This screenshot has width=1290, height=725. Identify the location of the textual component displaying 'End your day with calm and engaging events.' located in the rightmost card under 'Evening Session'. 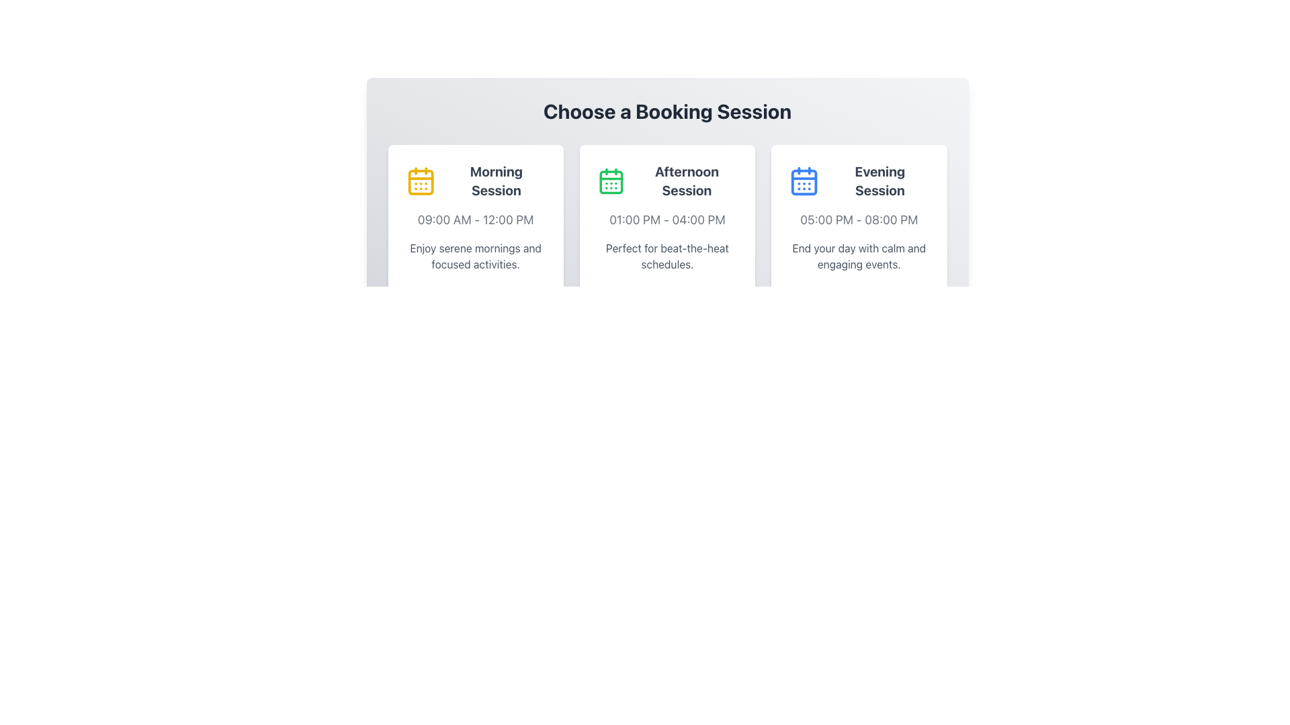
(858, 256).